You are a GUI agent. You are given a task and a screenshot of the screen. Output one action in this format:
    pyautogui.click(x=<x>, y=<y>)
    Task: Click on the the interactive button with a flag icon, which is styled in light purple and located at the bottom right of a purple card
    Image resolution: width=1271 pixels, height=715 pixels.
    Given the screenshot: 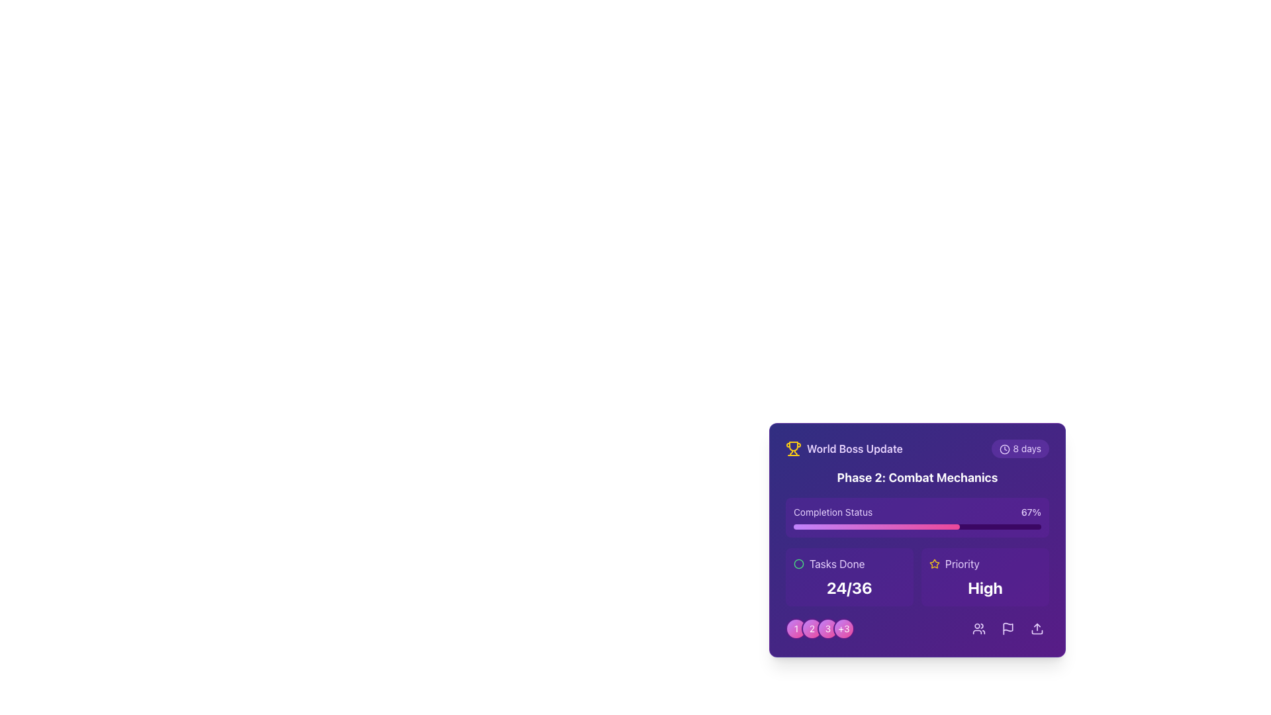 What is the action you would take?
    pyautogui.click(x=1007, y=628)
    